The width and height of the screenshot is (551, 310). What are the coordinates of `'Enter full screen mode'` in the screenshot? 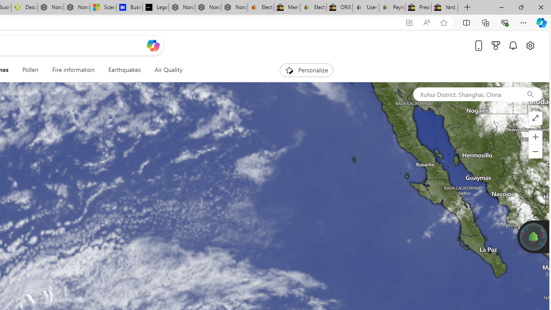 It's located at (535, 118).